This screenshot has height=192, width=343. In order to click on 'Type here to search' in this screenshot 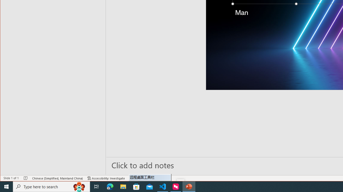, I will do `click(51, 186)`.